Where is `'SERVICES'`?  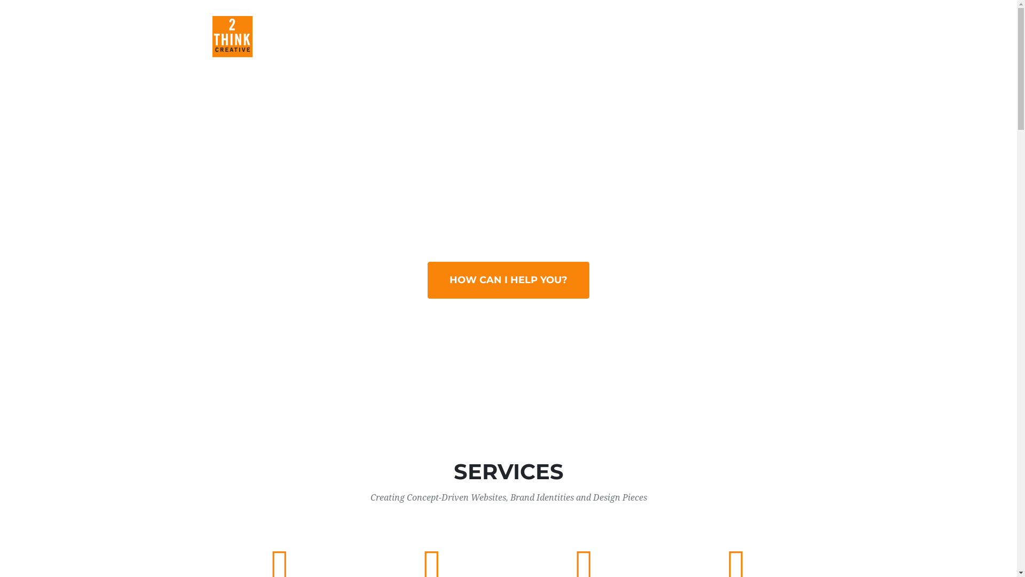
'SERVICES' is located at coordinates (527, 36).